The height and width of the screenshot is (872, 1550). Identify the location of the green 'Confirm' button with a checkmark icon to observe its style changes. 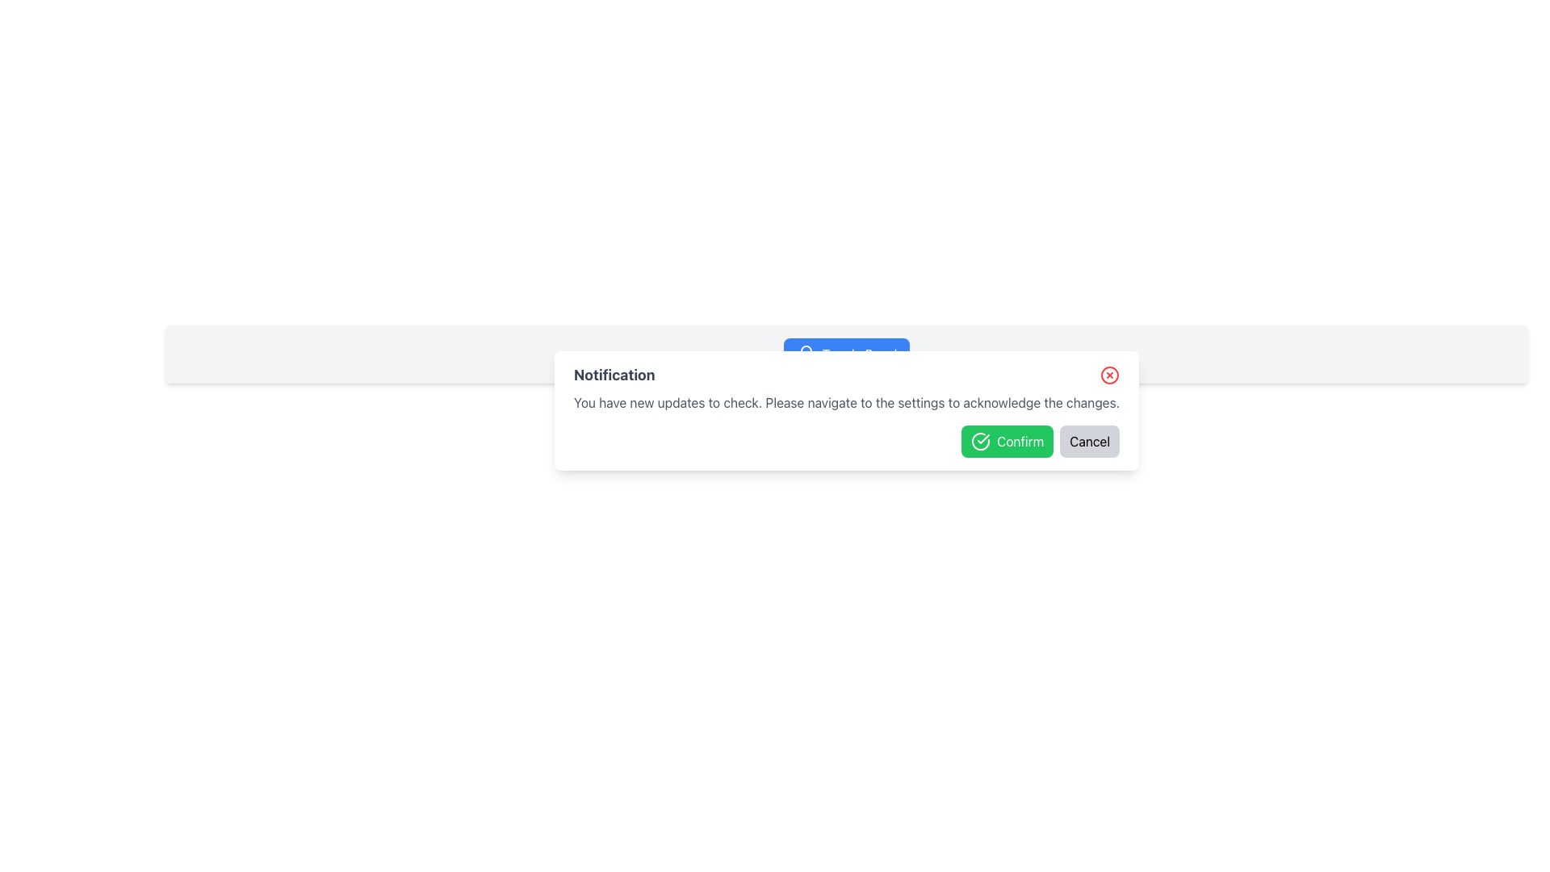
(1007, 442).